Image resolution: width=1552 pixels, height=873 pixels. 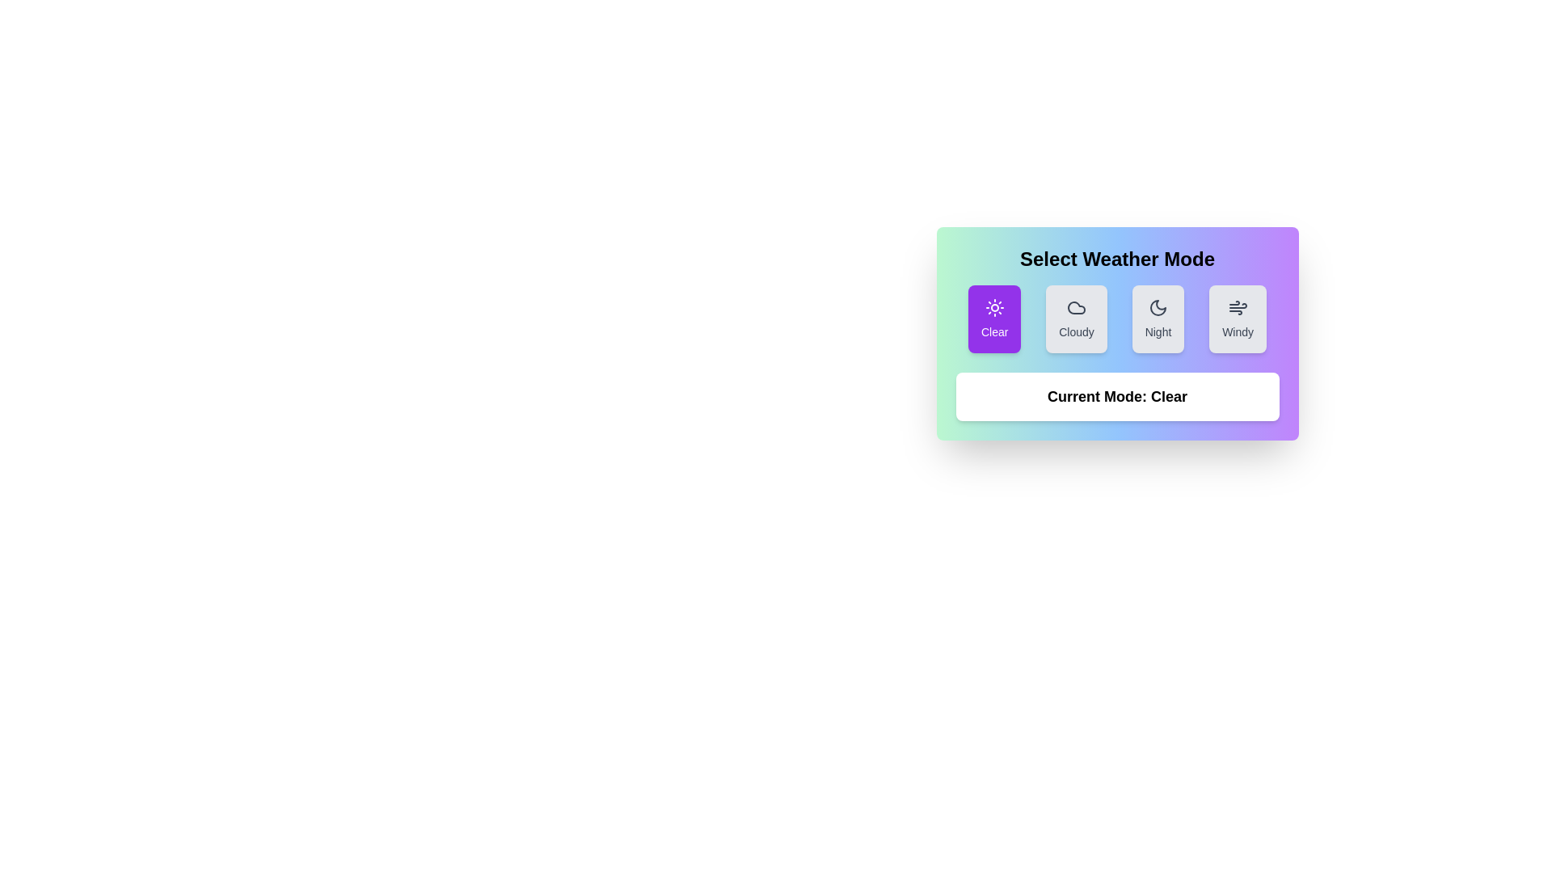 I want to click on the 'Cloudy' button which visually signifies the 'Cloudy' weather mode, so click(x=1076, y=308).